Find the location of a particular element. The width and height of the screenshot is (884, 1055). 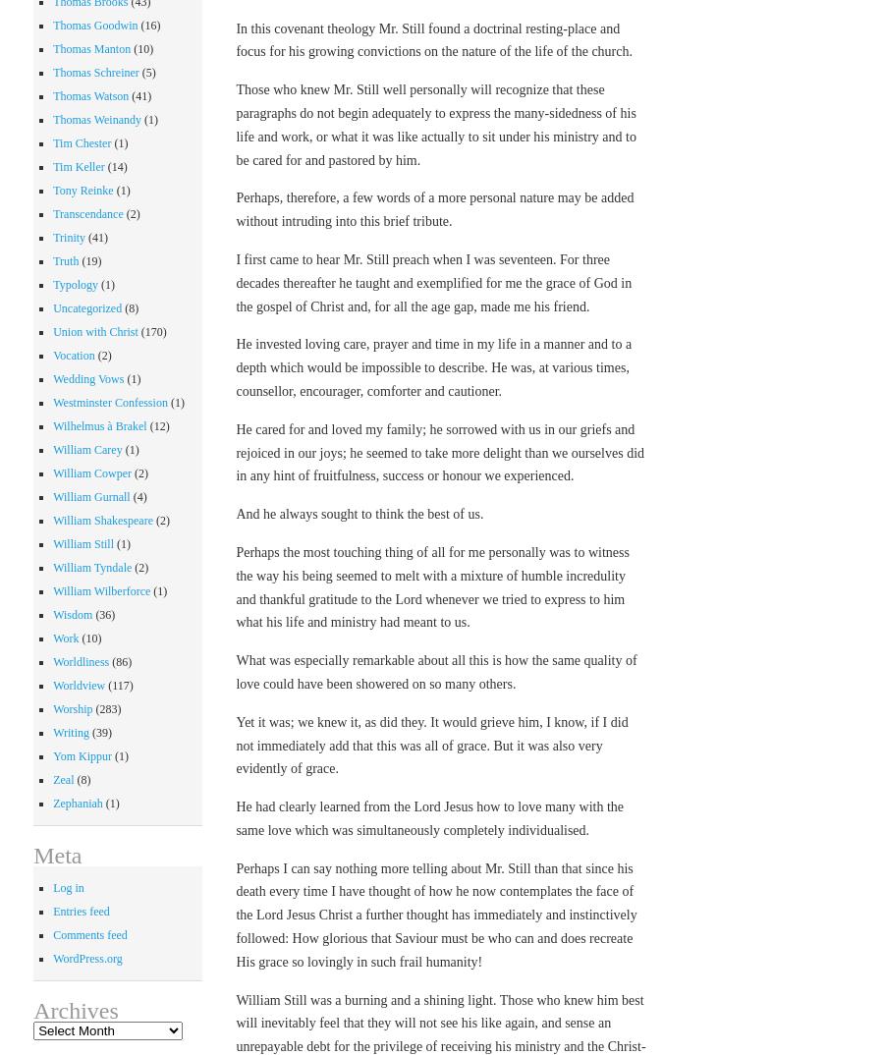

'William Tyndale' is located at coordinates (90, 565).